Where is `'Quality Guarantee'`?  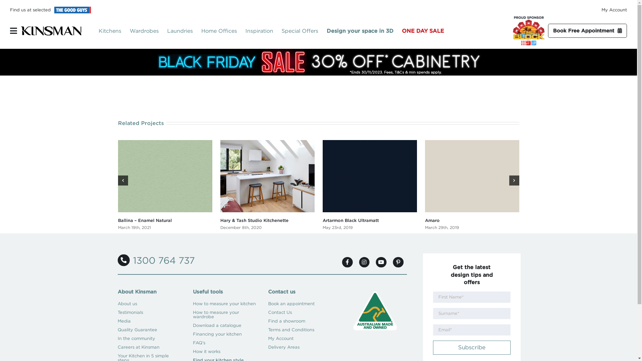
'Quality Guarantee' is located at coordinates (117, 330).